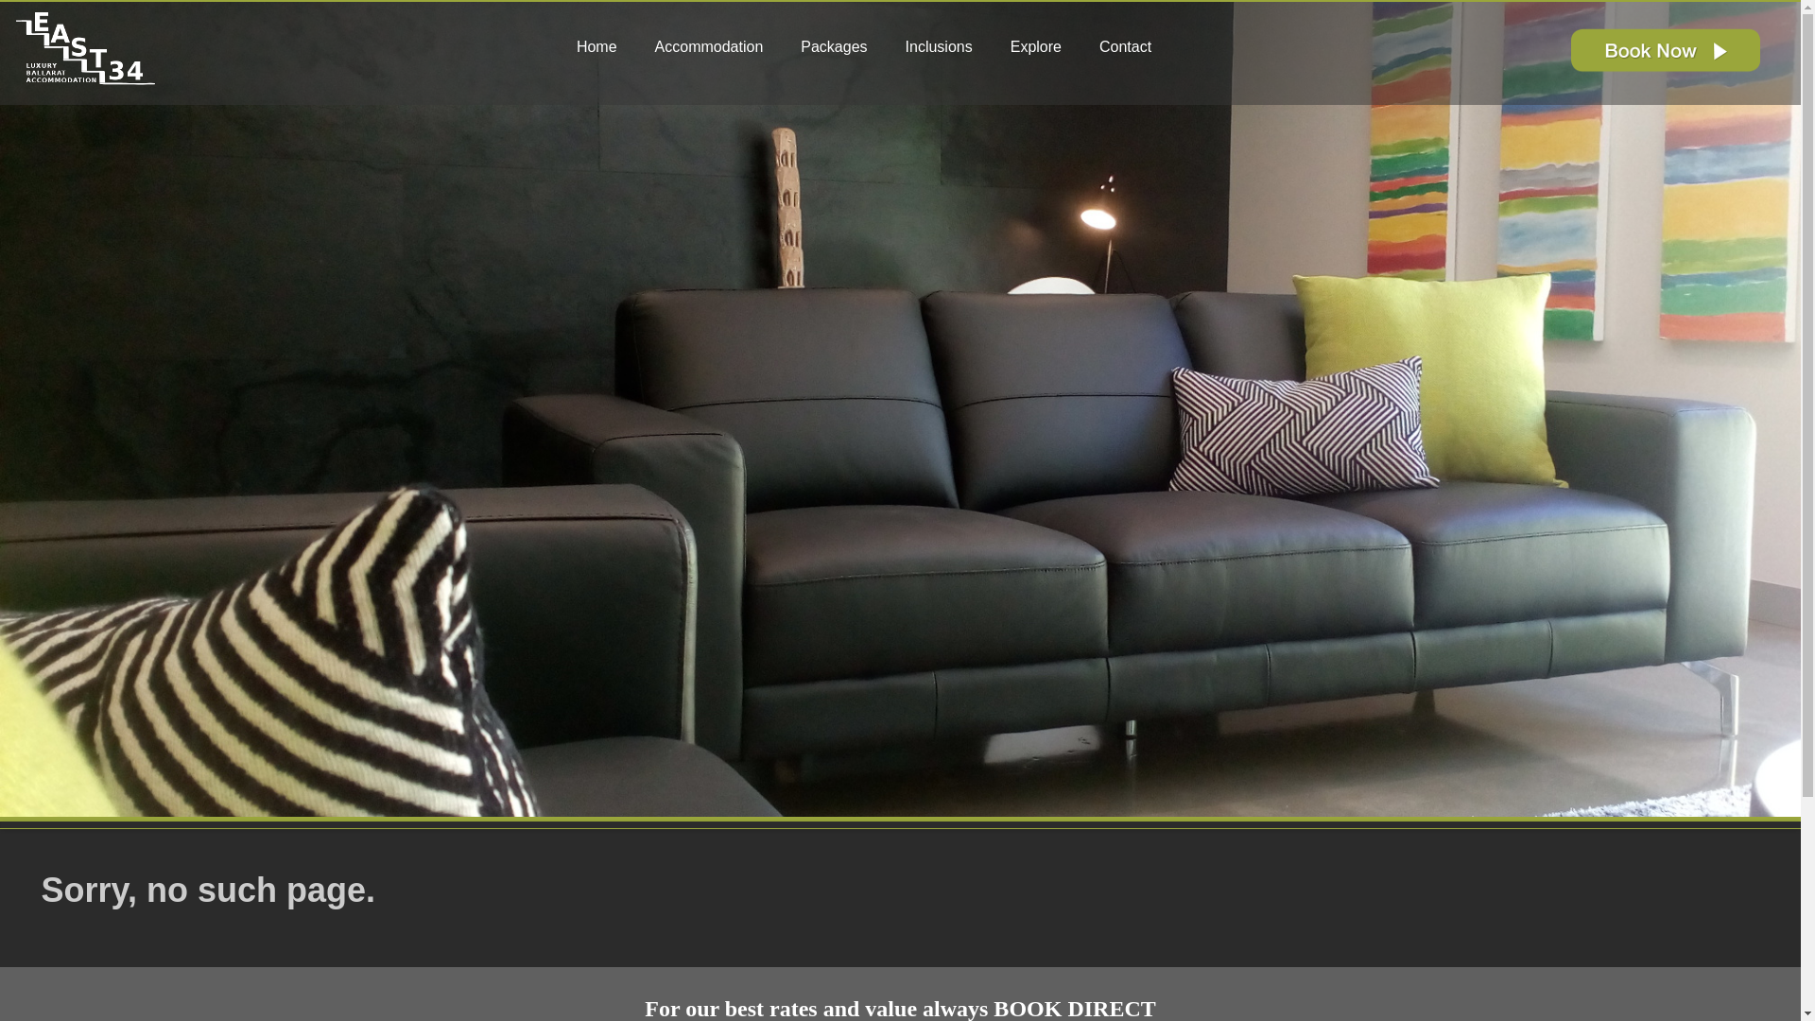 The height and width of the screenshot is (1021, 1815). What do you see at coordinates (716, 46) in the screenshot?
I see `'Accommodation'` at bounding box center [716, 46].